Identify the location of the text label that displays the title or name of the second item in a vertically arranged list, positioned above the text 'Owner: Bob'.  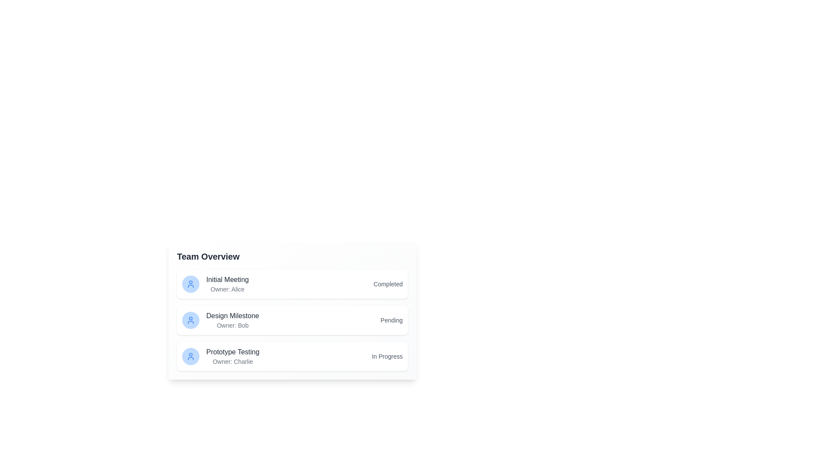
(233, 316).